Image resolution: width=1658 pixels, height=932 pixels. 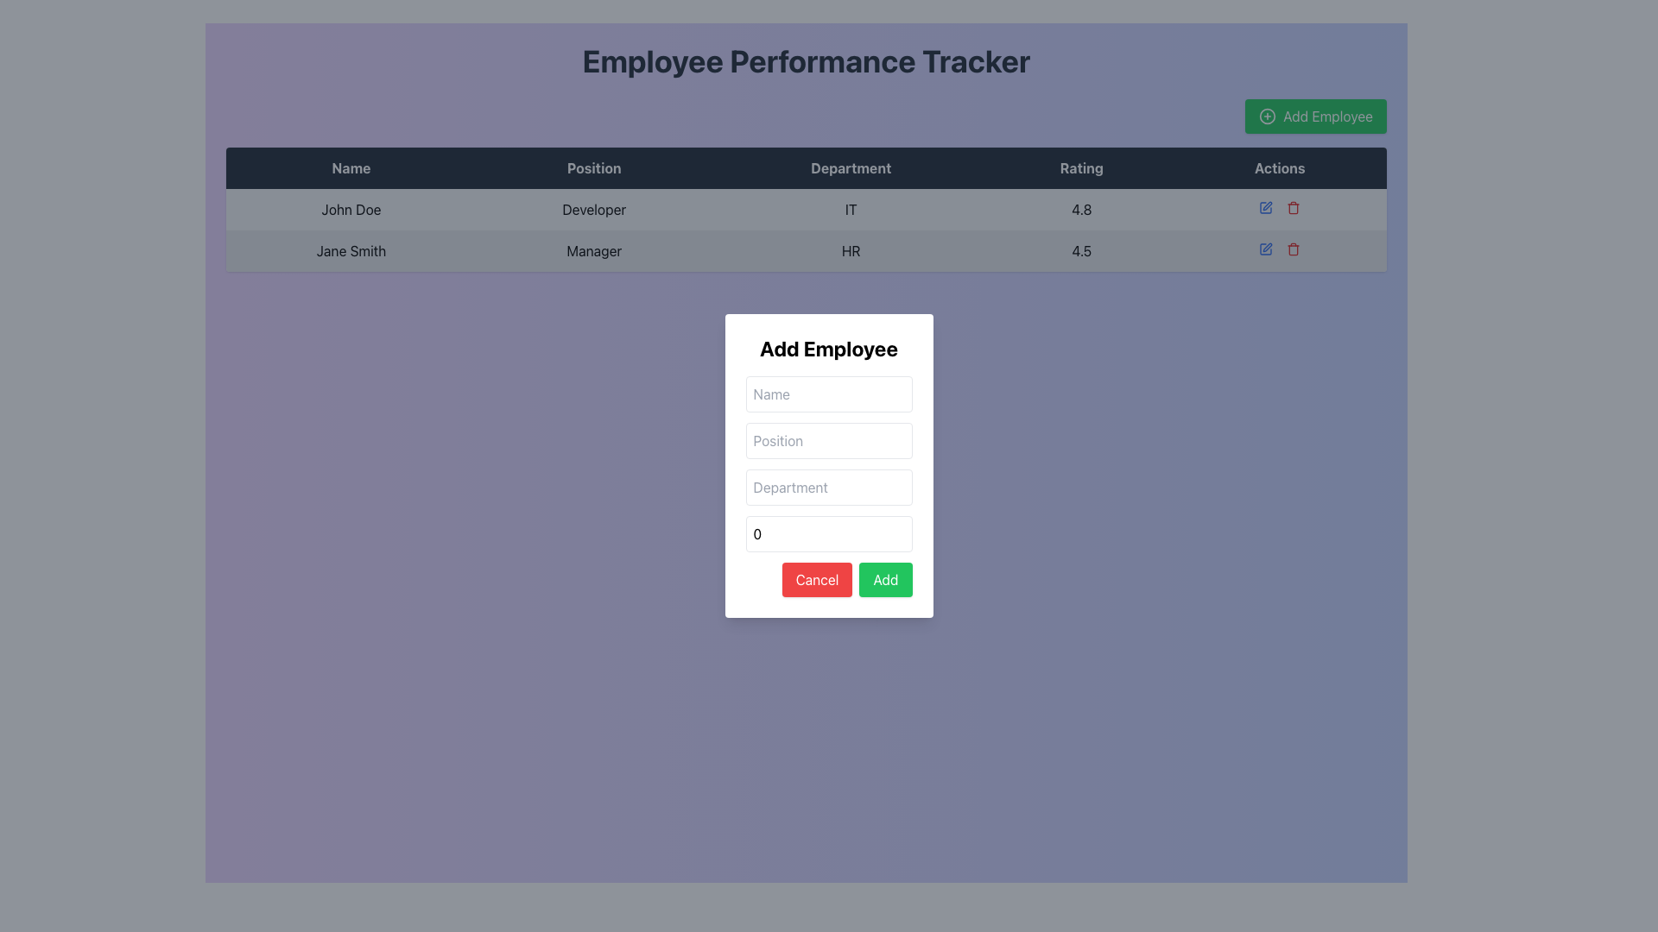 I want to click on the trash can icon located in the 'Actions' column of the 'Jane Smith' row in the table, so click(x=1294, y=250).